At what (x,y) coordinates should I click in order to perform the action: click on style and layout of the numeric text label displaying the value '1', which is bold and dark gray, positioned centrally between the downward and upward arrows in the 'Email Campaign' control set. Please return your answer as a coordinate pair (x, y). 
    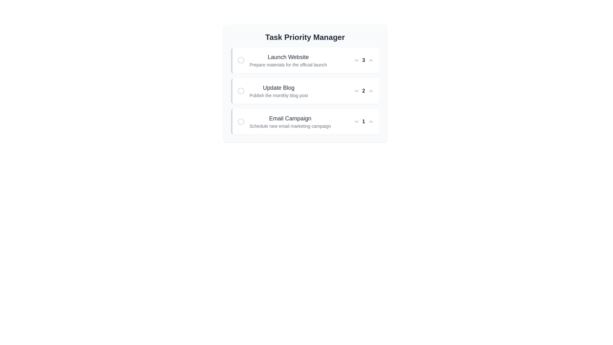
    Looking at the image, I should click on (364, 122).